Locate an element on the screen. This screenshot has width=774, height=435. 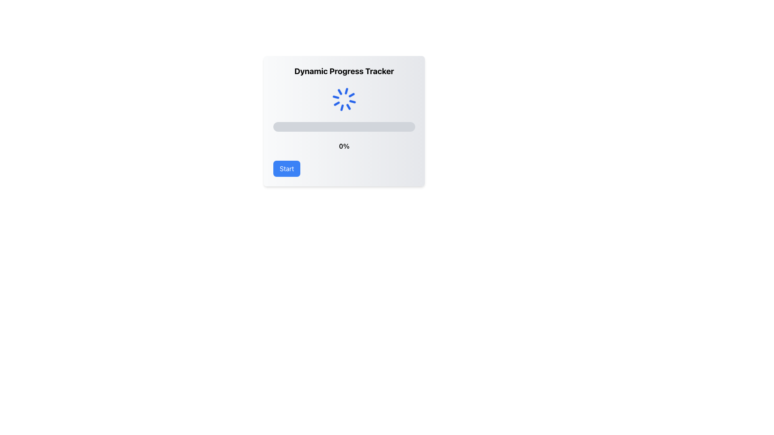
the fifth vertical component of the spinner graphic, which is located at the center of the card and indicates a loading state is located at coordinates (341, 91).